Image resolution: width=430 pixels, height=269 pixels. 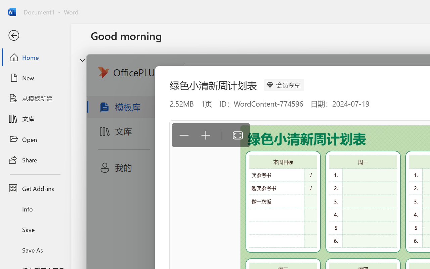 What do you see at coordinates (35, 250) in the screenshot?
I see `'Save As'` at bounding box center [35, 250].